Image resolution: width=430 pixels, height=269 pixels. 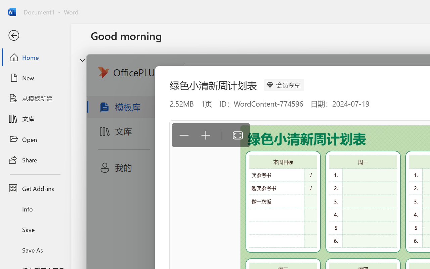 What do you see at coordinates (35, 250) in the screenshot?
I see `'Save As'` at bounding box center [35, 250].